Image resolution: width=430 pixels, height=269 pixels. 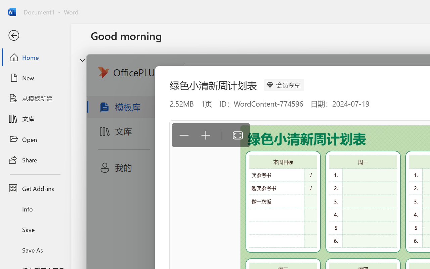 What do you see at coordinates (35, 250) in the screenshot?
I see `'Save As'` at bounding box center [35, 250].